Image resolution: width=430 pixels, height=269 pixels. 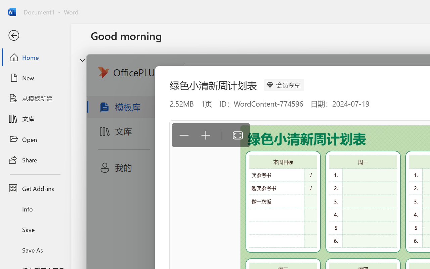 What do you see at coordinates (35, 250) in the screenshot?
I see `'Save As'` at bounding box center [35, 250].